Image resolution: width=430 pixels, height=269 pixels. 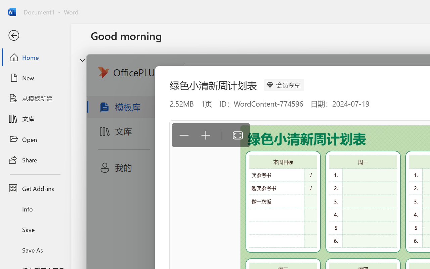 What do you see at coordinates (35, 250) in the screenshot?
I see `'Save As'` at bounding box center [35, 250].